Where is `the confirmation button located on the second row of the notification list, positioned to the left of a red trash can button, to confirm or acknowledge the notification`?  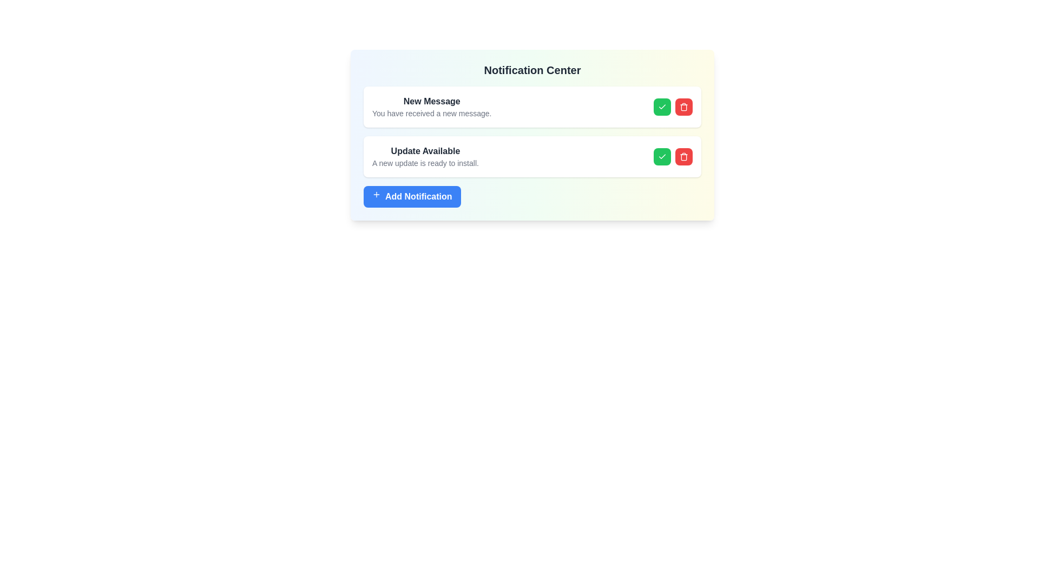 the confirmation button located on the second row of the notification list, positioned to the left of a red trash can button, to confirm or acknowledge the notification is located at coordinates (662, 156).